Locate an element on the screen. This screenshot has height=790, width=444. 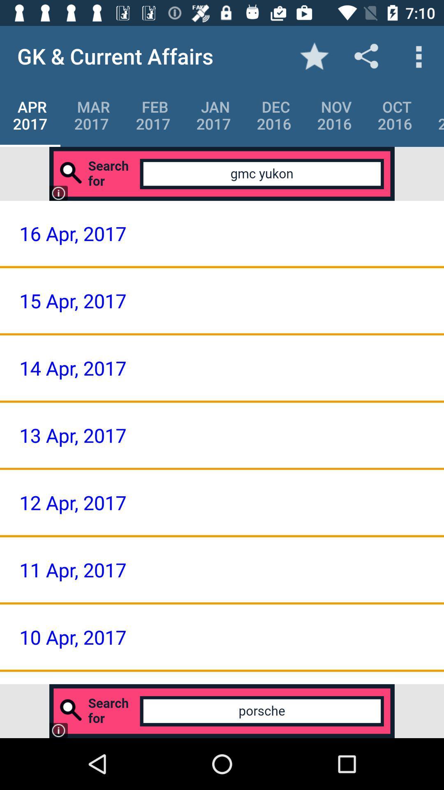
the icon next to  jan is located at coordinates (153, 115).